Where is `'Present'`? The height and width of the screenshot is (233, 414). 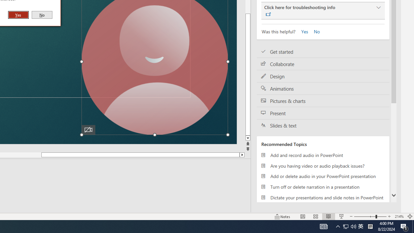
'Present' is located at coordinates (323, 113).